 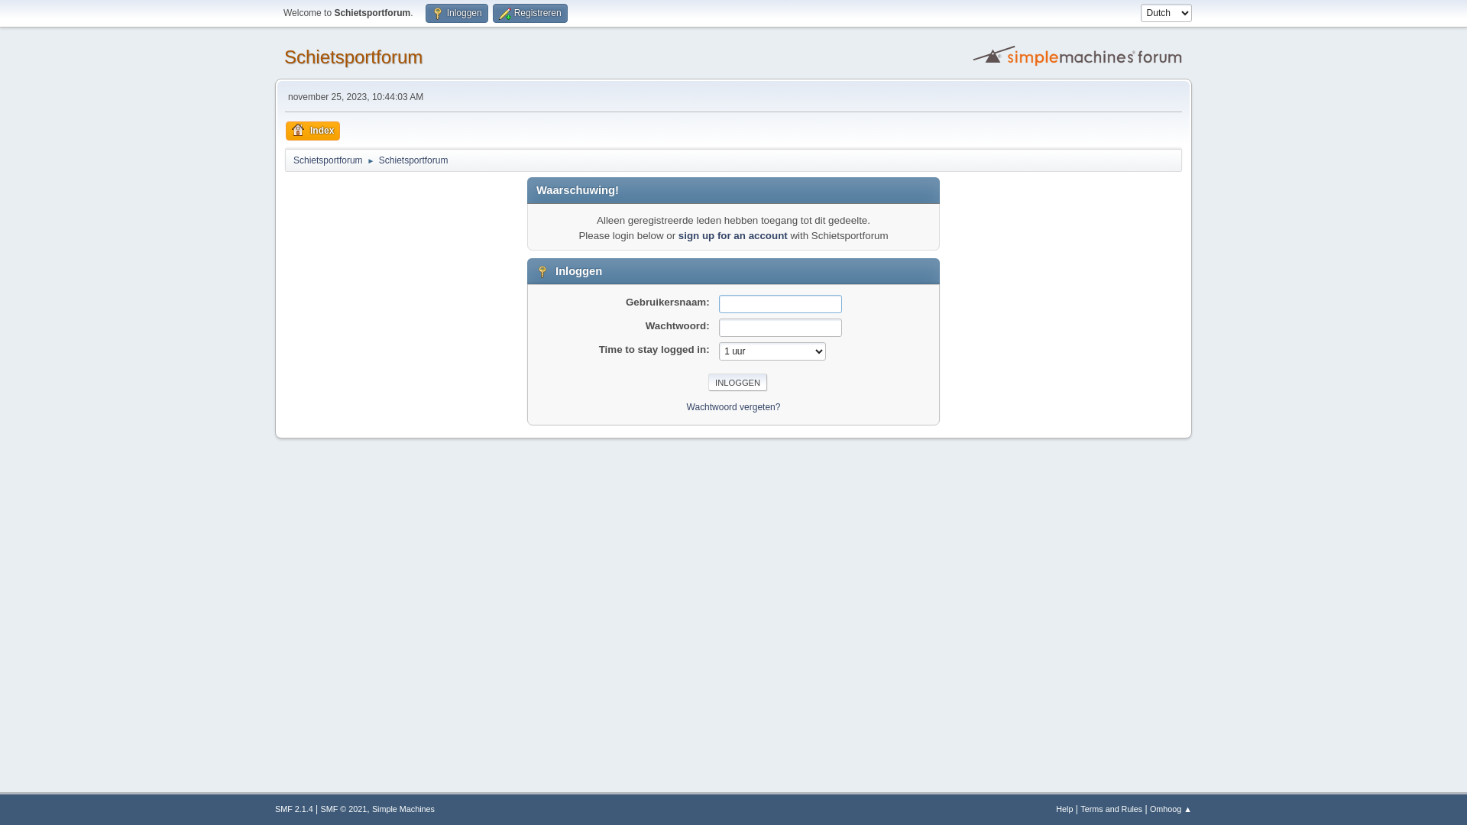 I want to click on 'Terms and Rules', so click(x=1111, y=808).